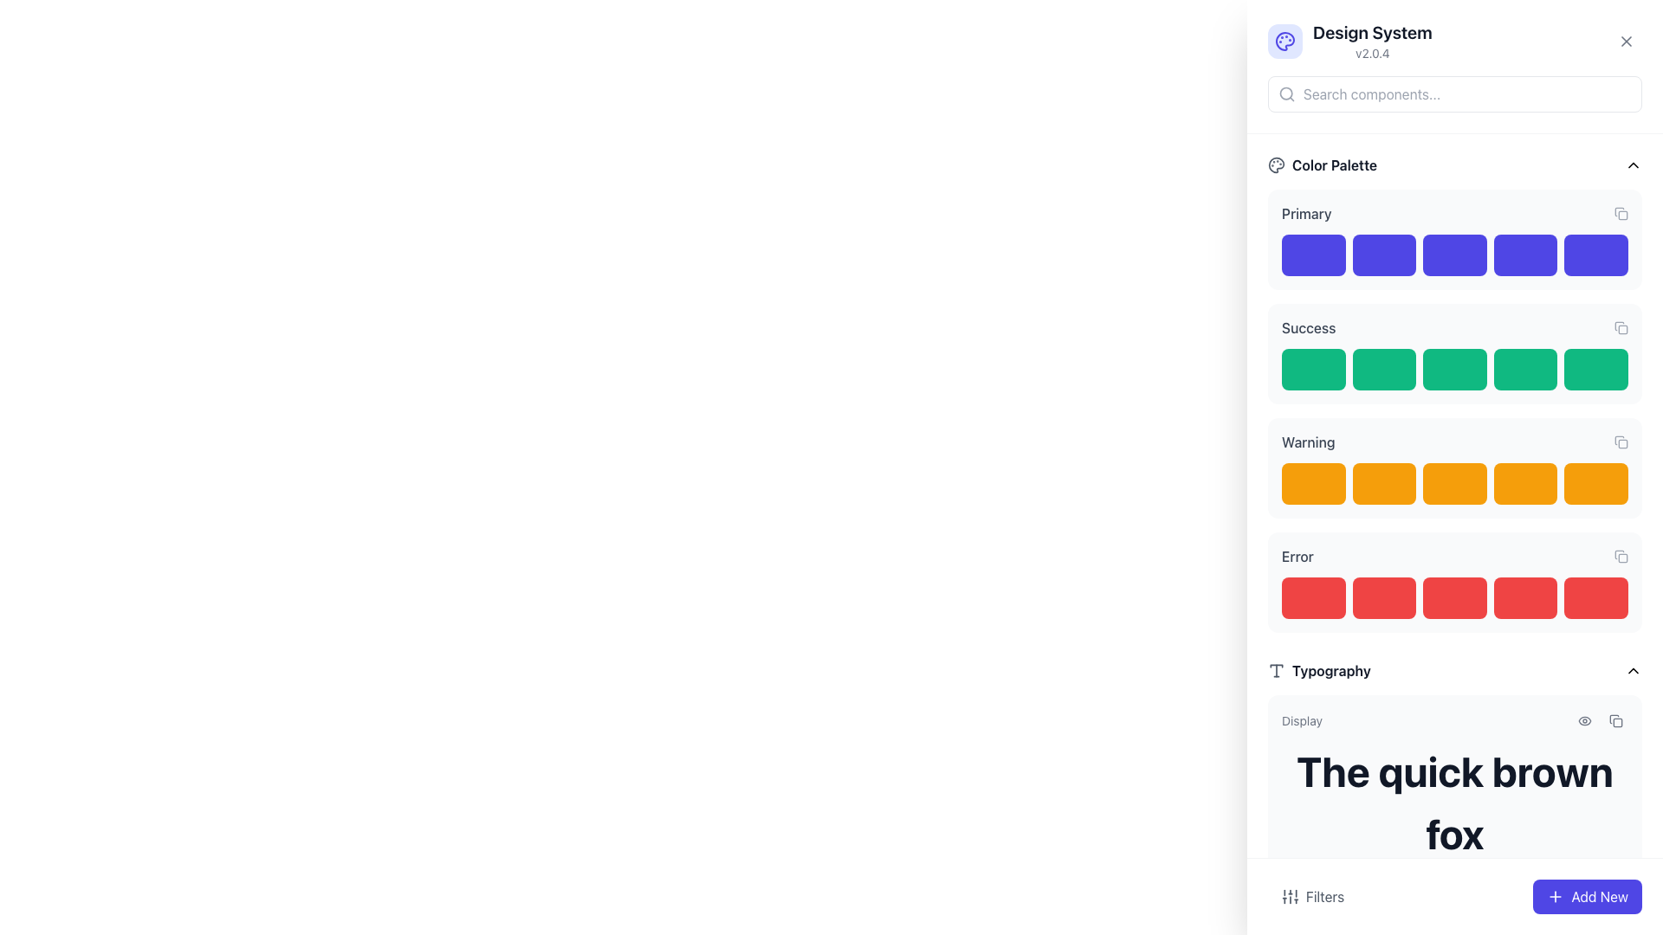  I want to click on the fourth orange color swatch in the 'Warning' section of the Color Palette, which serves as a visual indicator and is not interactive, so click(1525, 484).